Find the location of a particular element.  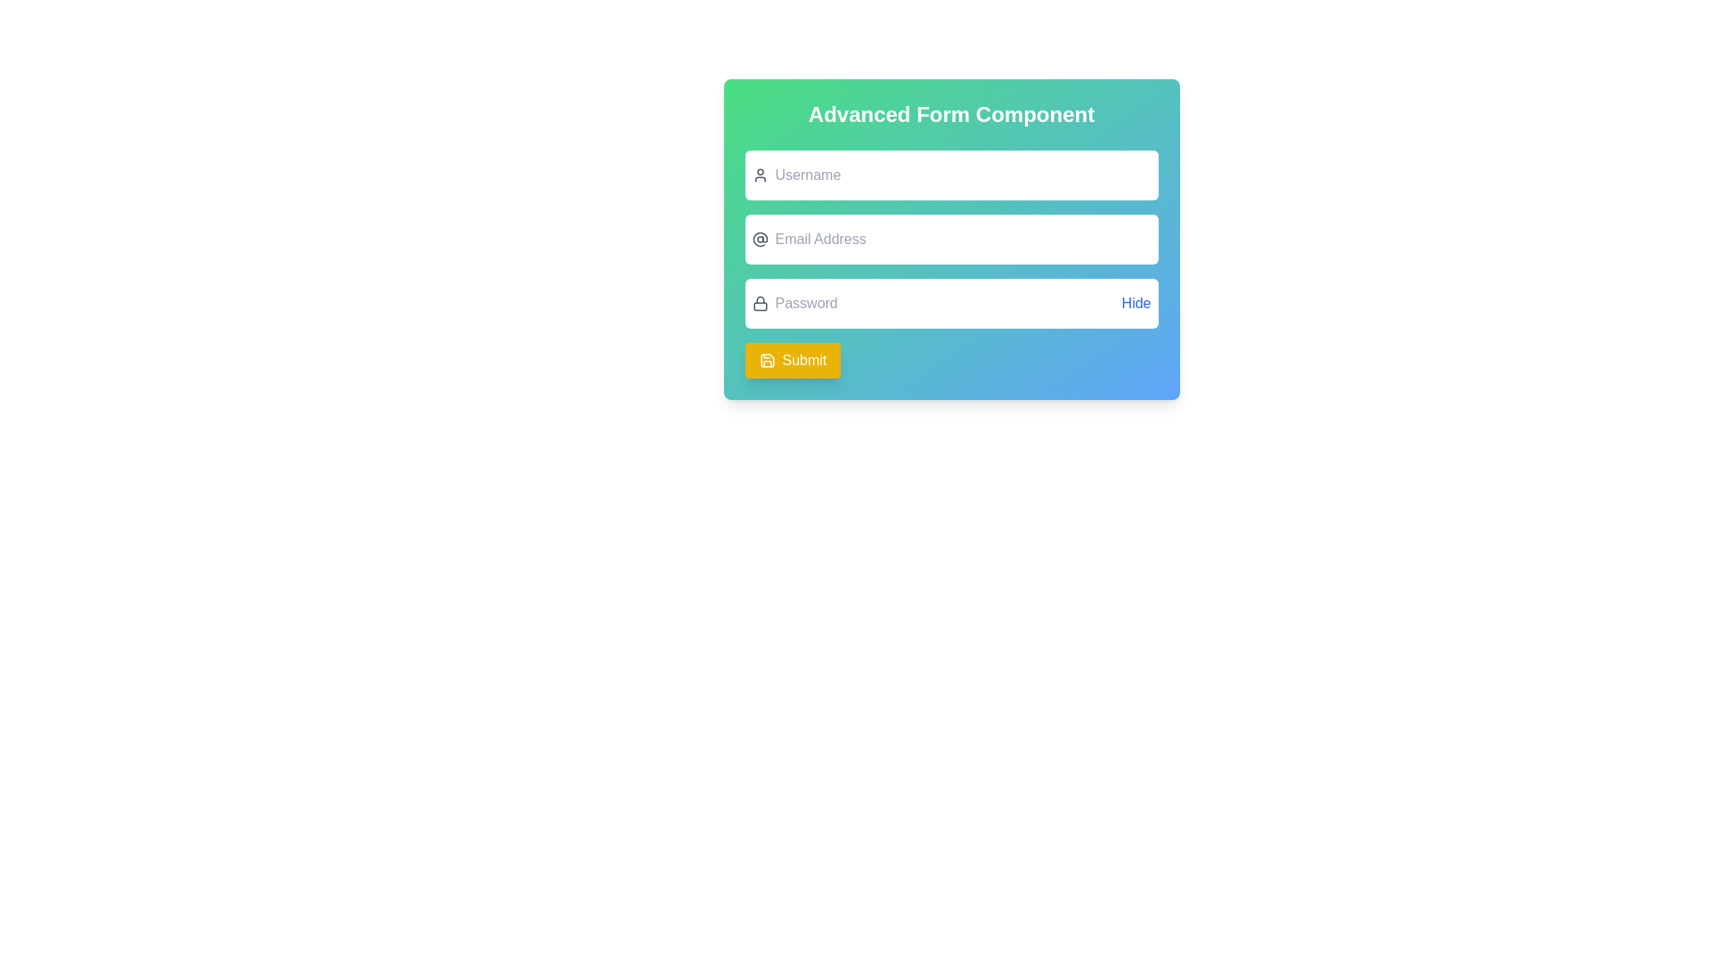

the visibility toggle button located at the right end of the password input field is located at coordinates (1136, 302).